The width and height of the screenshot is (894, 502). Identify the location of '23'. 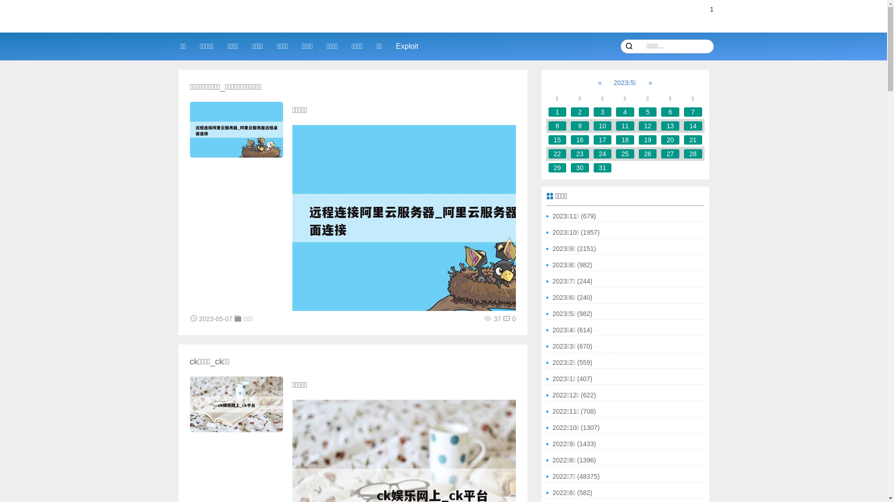
(579, 153).